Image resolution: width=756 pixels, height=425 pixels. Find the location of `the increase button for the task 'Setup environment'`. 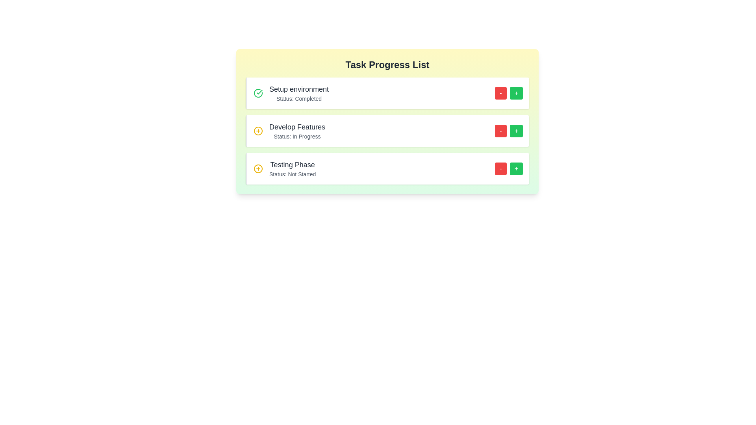

the increase button for the task 'Setup environment' is located at coordinates (516, 92).